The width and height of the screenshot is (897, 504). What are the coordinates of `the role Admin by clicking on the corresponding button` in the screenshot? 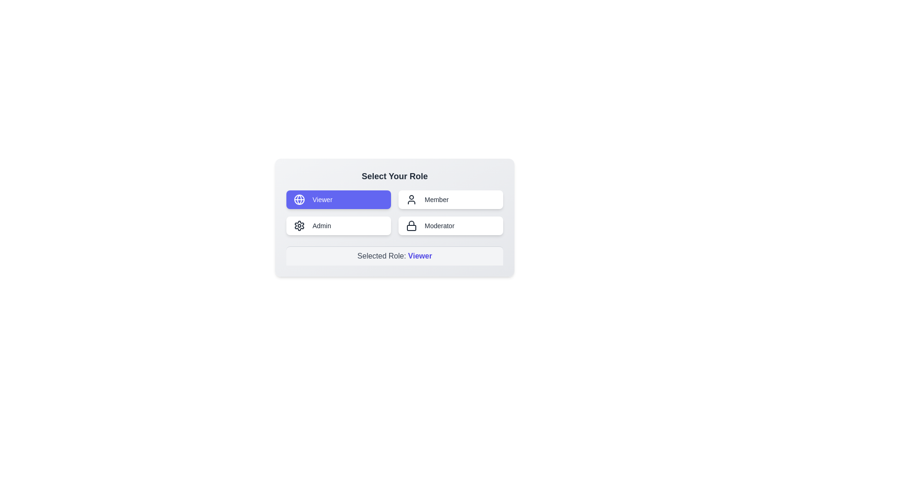 It's located at (338, 225).